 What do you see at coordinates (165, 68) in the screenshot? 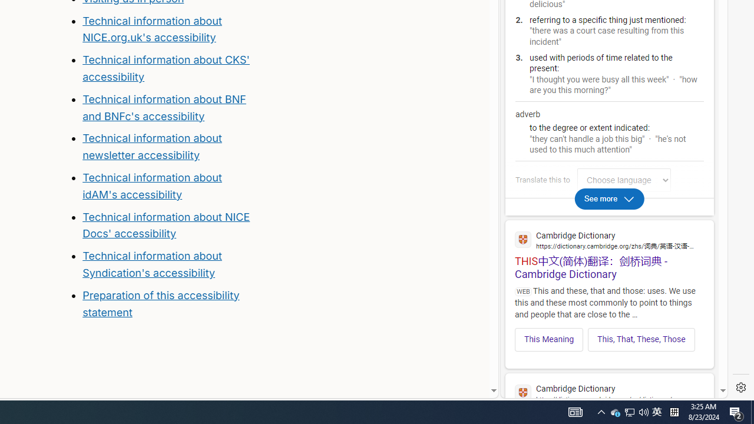
I see `'Technical information about CKS'` at bounding box center [165, 68].